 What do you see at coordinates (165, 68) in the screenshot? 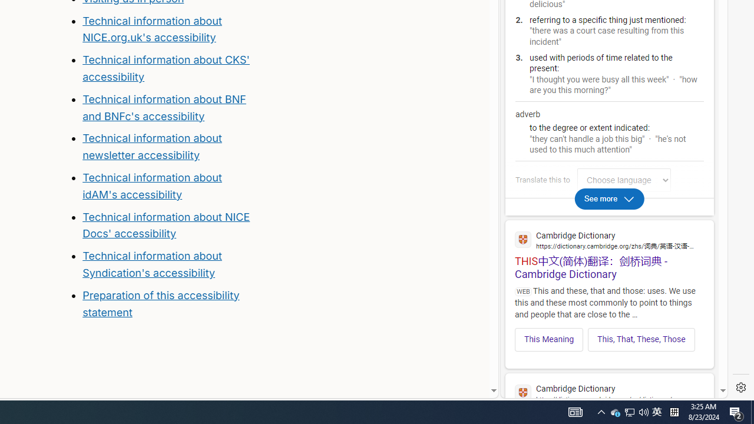
I see `'Technical information about CKS'` at bounding box center [165, 68].